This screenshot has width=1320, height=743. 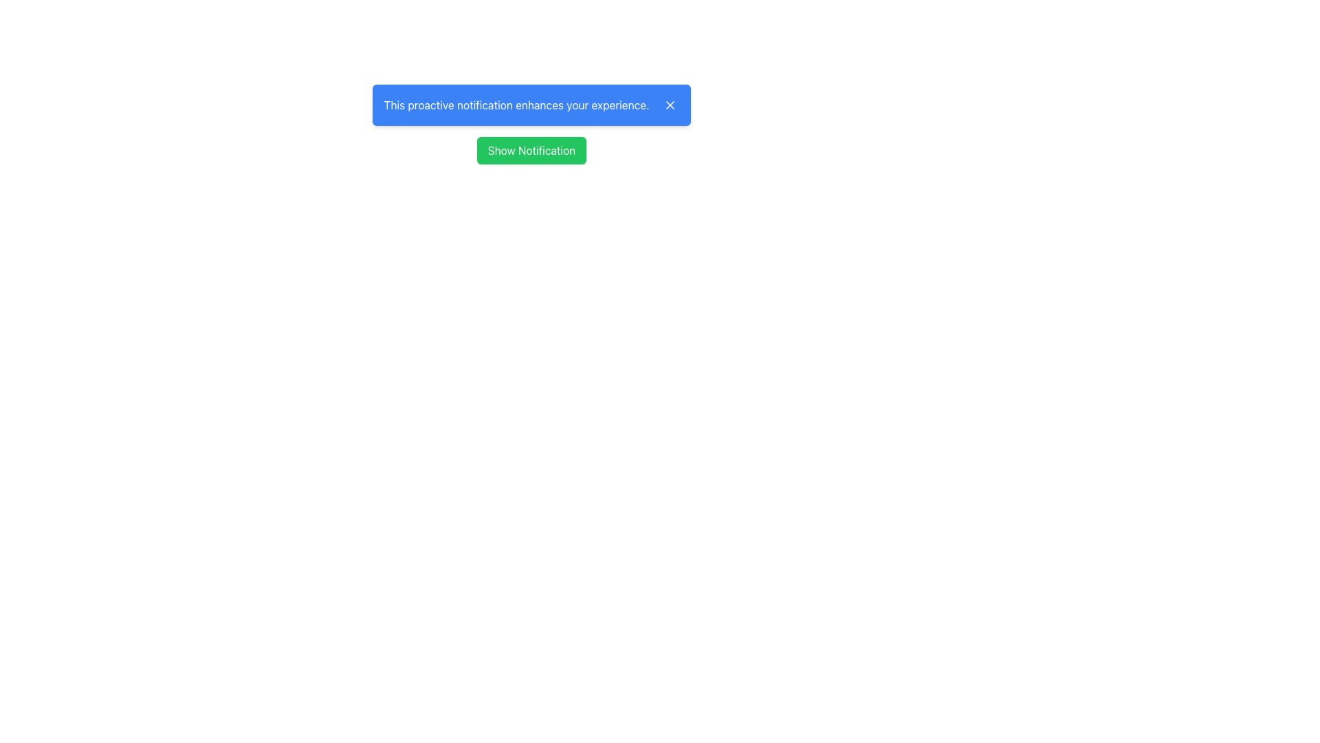 What do you see at coordinates (531, 125) in the screenshot?
I see `the notification box which has a blue background and white text stating 'This proactive notification enhances your experience.'` at bounding box center [531, 125].